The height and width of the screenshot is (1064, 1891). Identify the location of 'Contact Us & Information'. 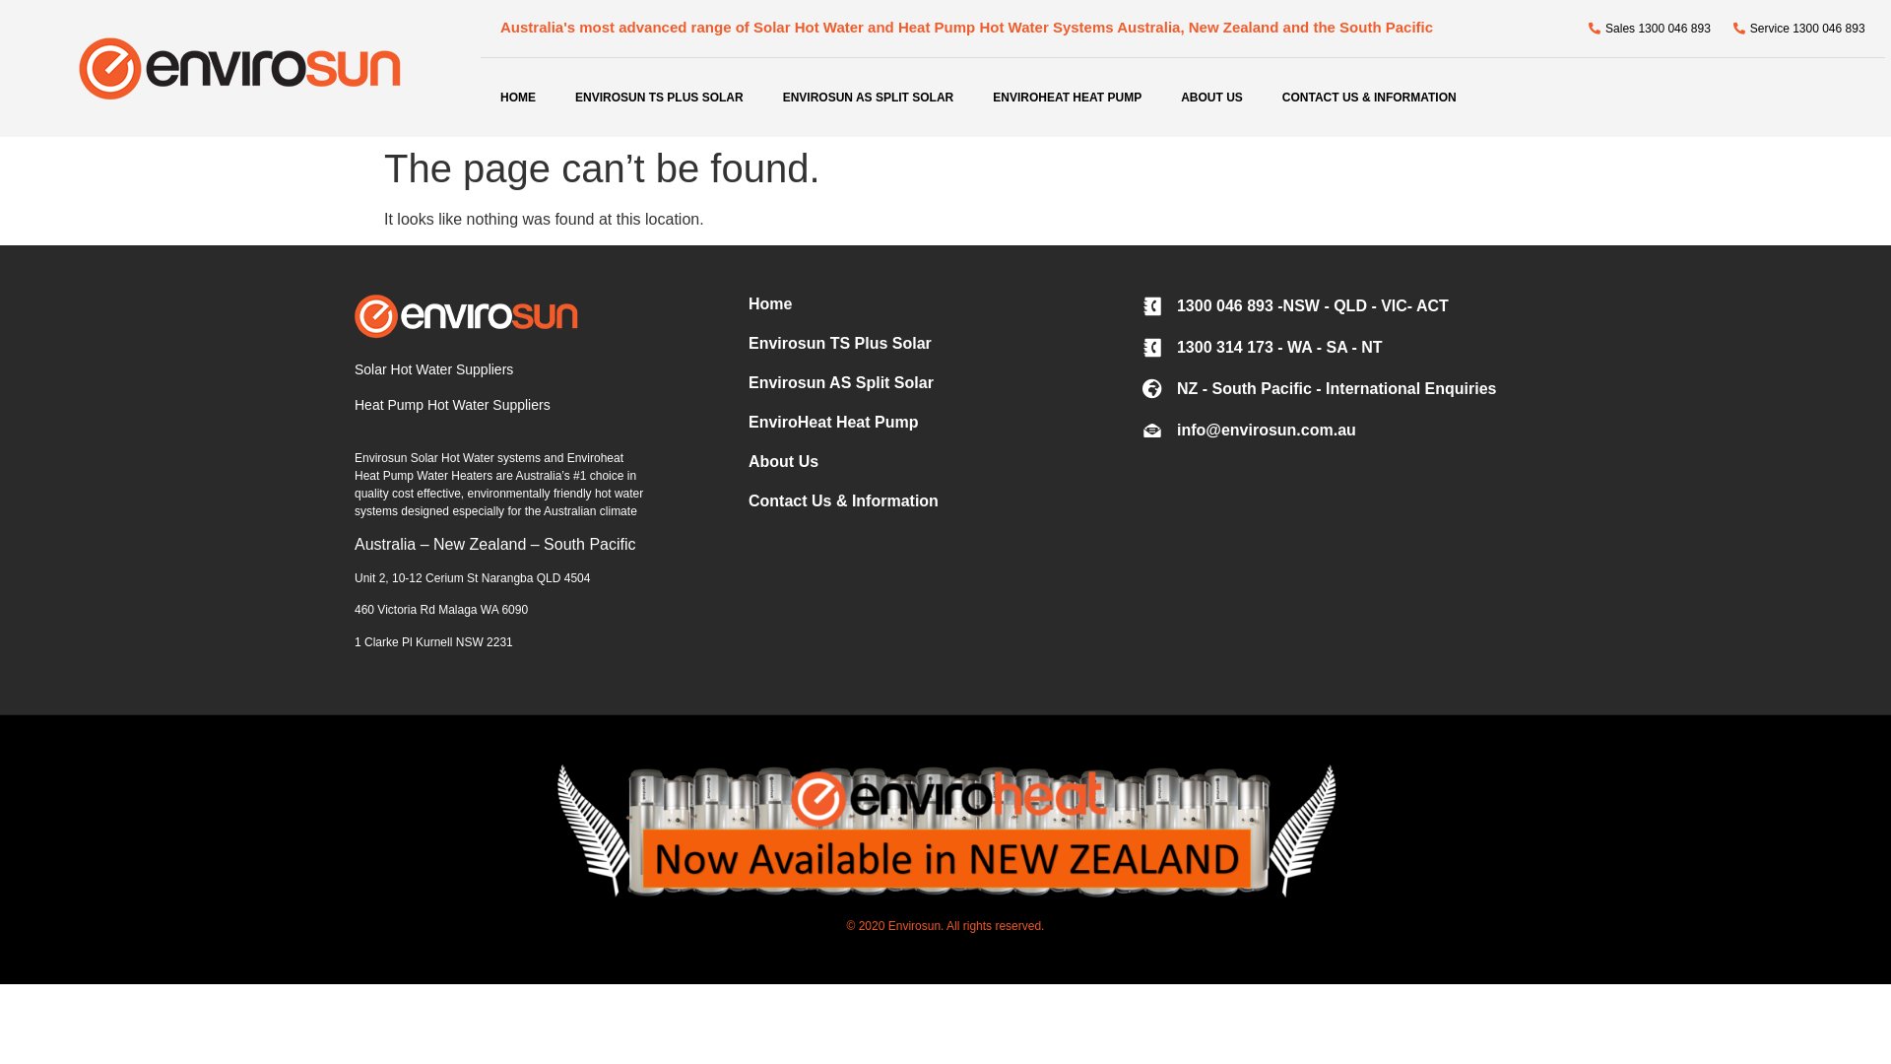
(945, 500).